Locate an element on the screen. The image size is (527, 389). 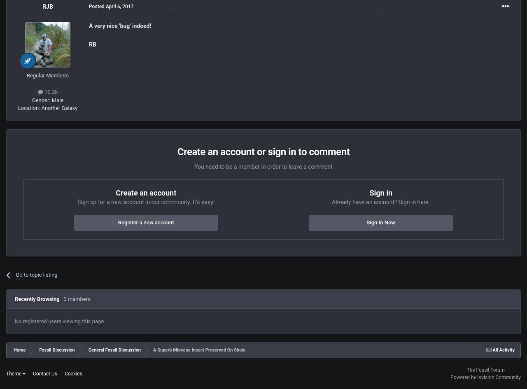
'Register a new account' is located at coordinates (117, 222).